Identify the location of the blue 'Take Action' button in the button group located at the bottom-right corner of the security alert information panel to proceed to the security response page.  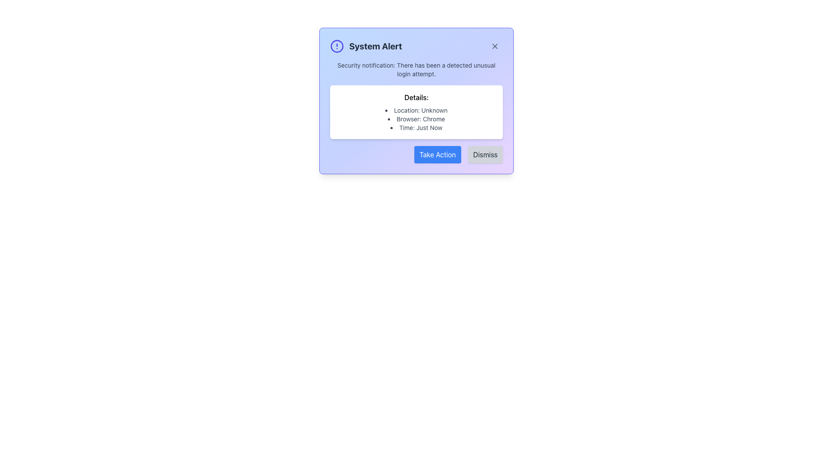
(416, 154).